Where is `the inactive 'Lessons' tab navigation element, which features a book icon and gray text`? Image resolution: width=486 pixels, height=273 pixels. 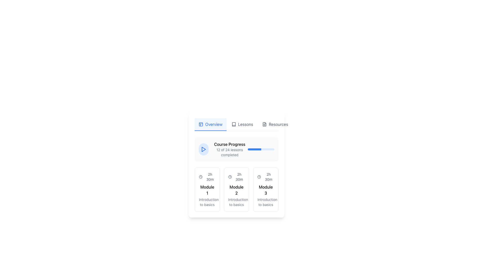
the inactive 'Lessons' tab navigation element, which features a book icon and gray text is located at coordinates (242, 125).